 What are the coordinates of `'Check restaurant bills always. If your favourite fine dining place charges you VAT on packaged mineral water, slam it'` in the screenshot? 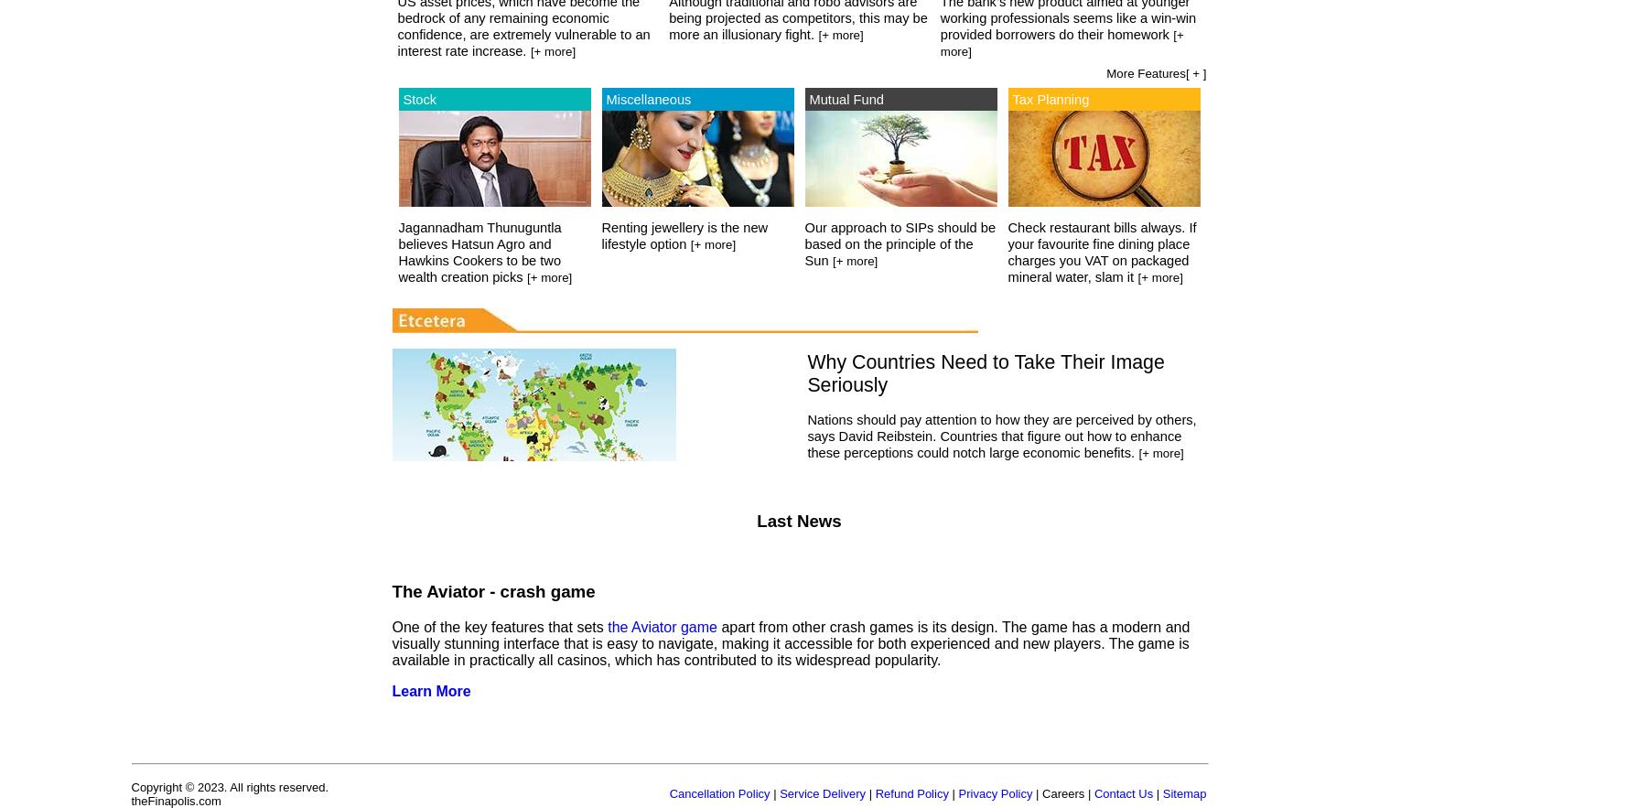 It's located at (1101, 253).